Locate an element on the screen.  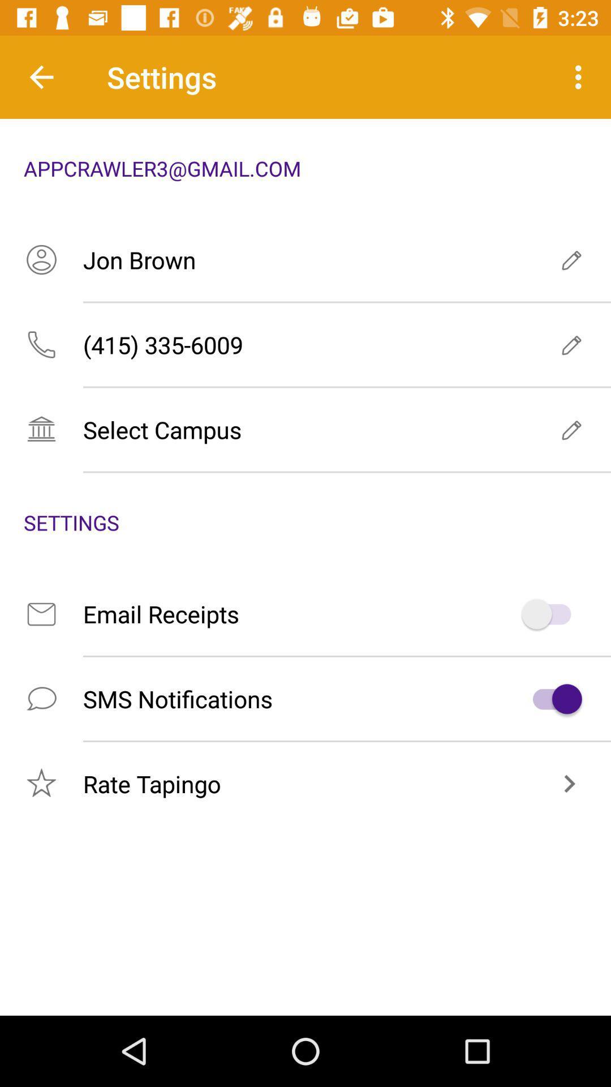
the icon at the top right corner is located at coordinates (581, 76).